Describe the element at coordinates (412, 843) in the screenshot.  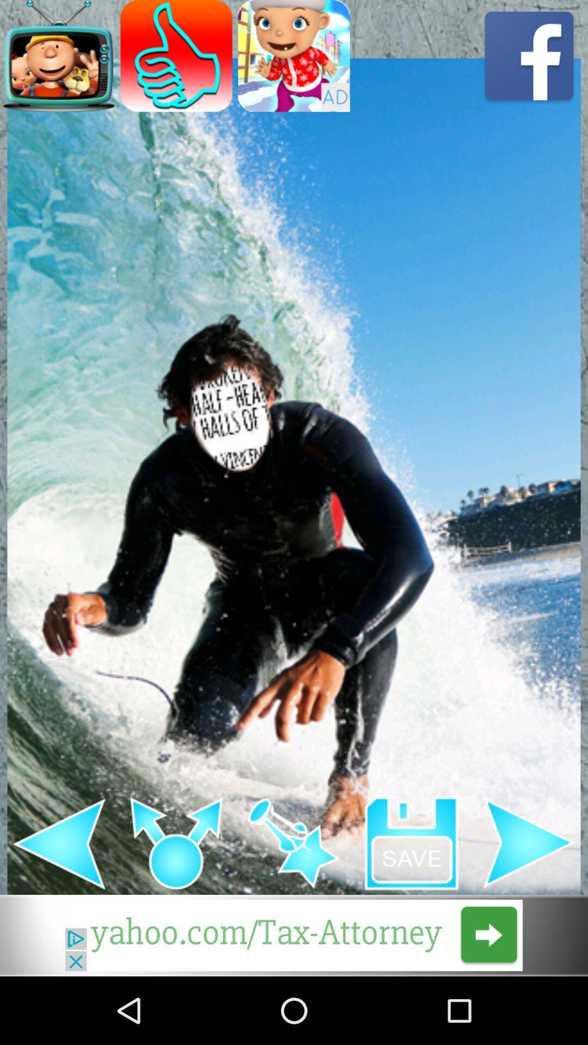
I see `to save` at that location.